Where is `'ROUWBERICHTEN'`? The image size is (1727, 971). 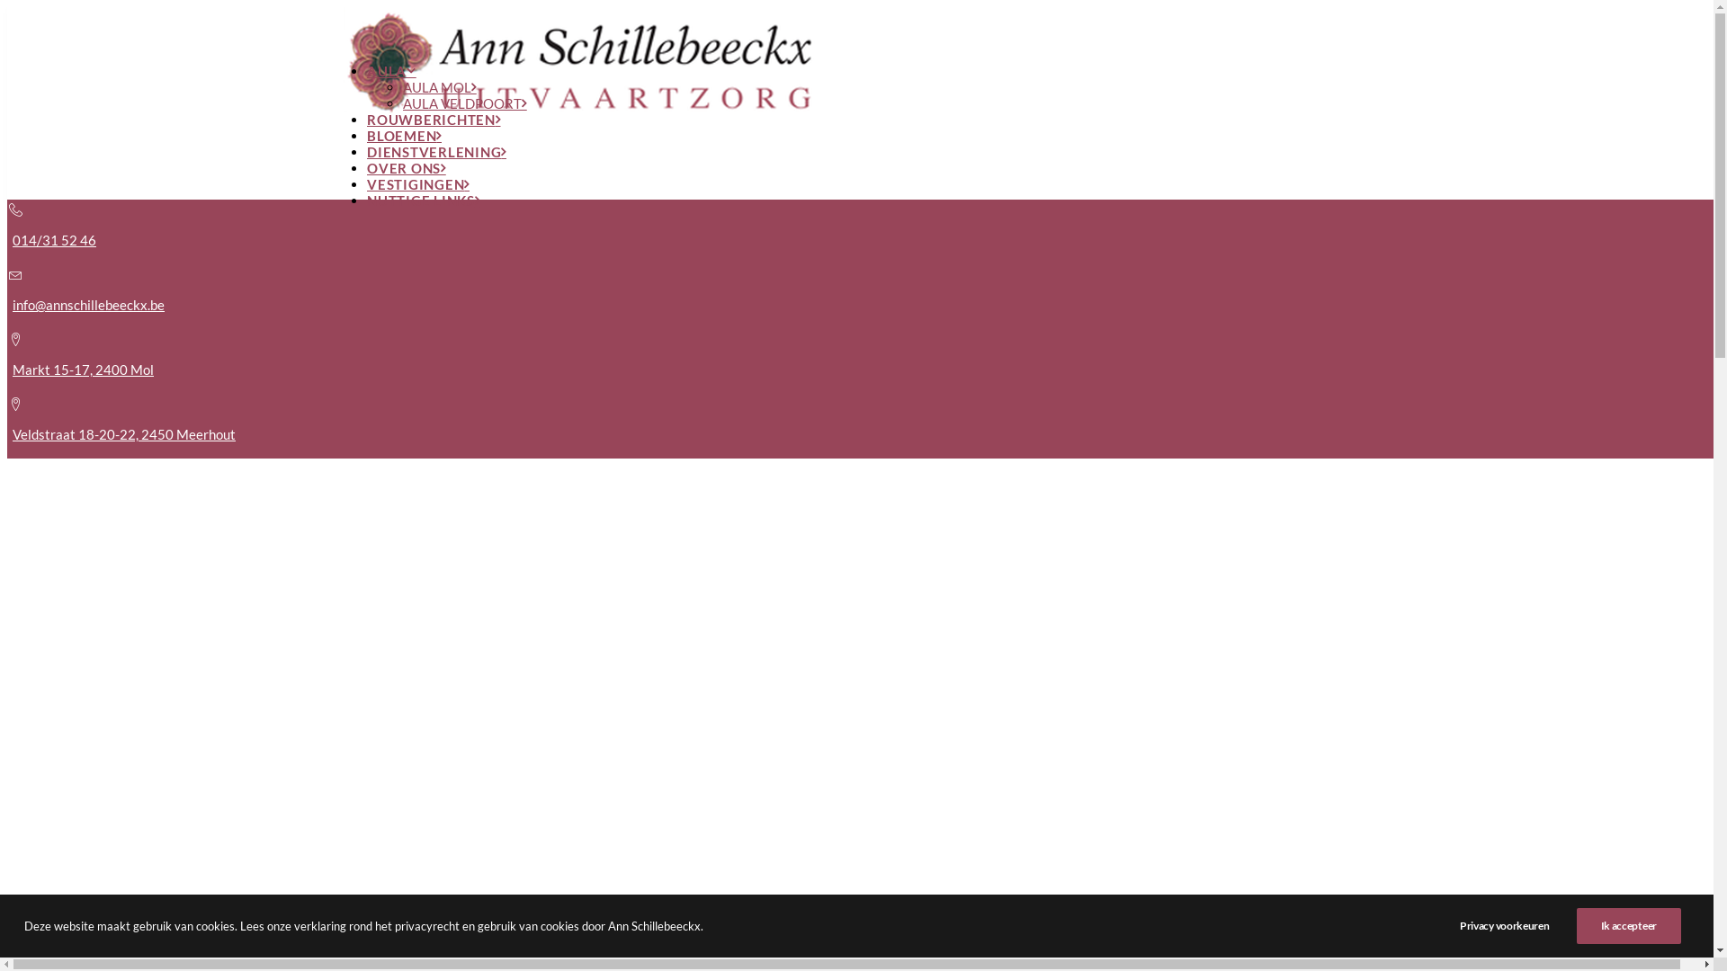
'ROUWBERICHTEN' is located at coordinates (434, 119).